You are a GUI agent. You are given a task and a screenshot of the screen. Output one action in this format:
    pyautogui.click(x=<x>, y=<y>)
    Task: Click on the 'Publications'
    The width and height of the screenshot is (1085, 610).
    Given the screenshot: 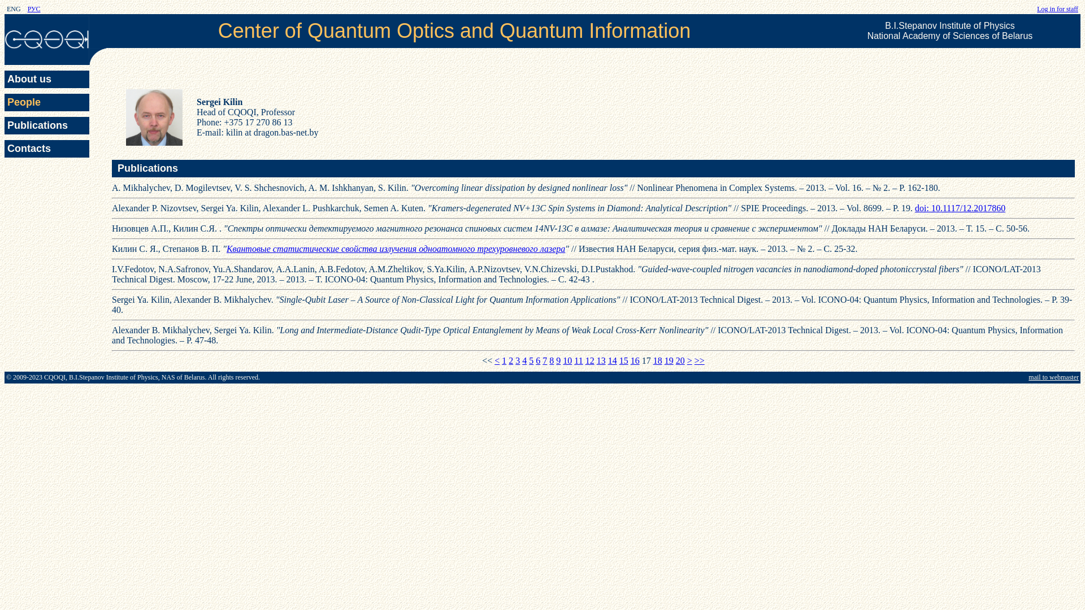 What is the action you would take?
    pyautogui.click(x=46, y=125)
    